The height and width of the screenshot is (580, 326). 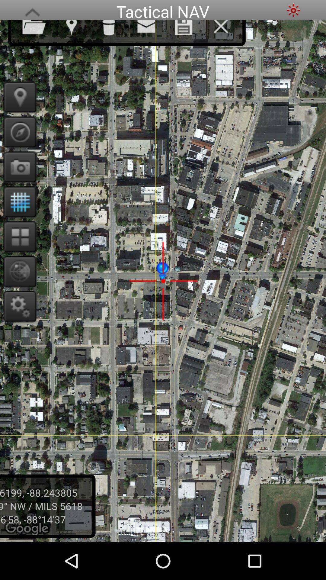 I want to click on the place you are looking for, so click(x=18, y=97).